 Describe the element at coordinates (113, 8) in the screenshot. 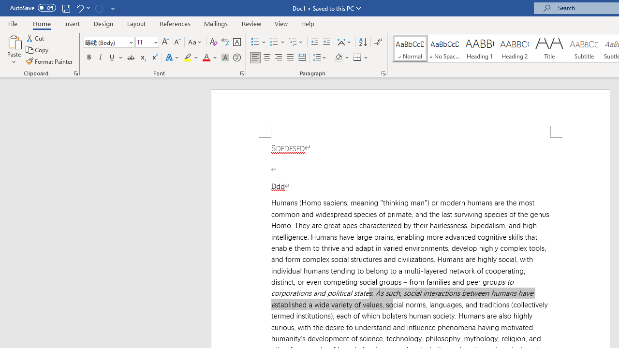

I see `'Customize Quick Access Toolbar'` at that location.